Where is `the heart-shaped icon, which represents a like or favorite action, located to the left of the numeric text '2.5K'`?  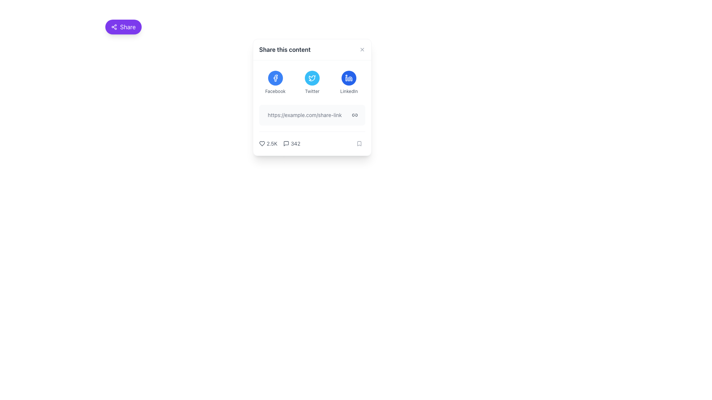
the heart-shaped icon, which represents a like or favorite action, located to the left of the numeric text '2.5K' is located at coordinates (262, 144).